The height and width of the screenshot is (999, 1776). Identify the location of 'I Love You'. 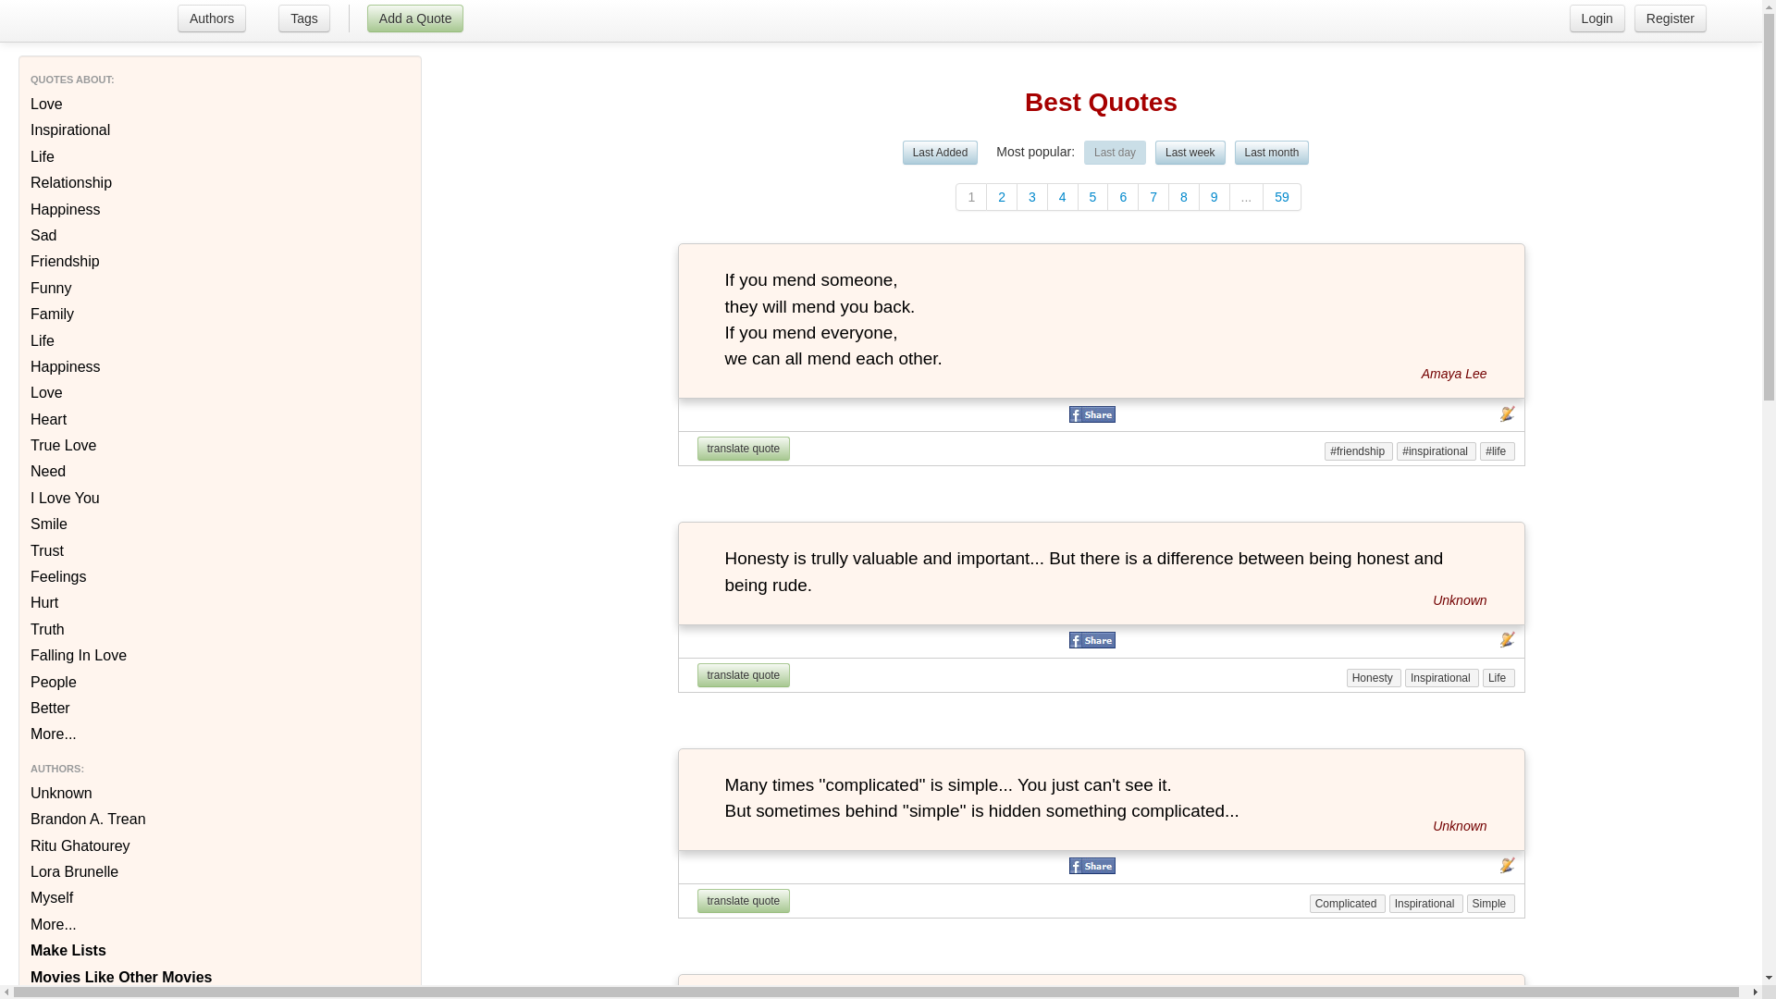
(17, 498).